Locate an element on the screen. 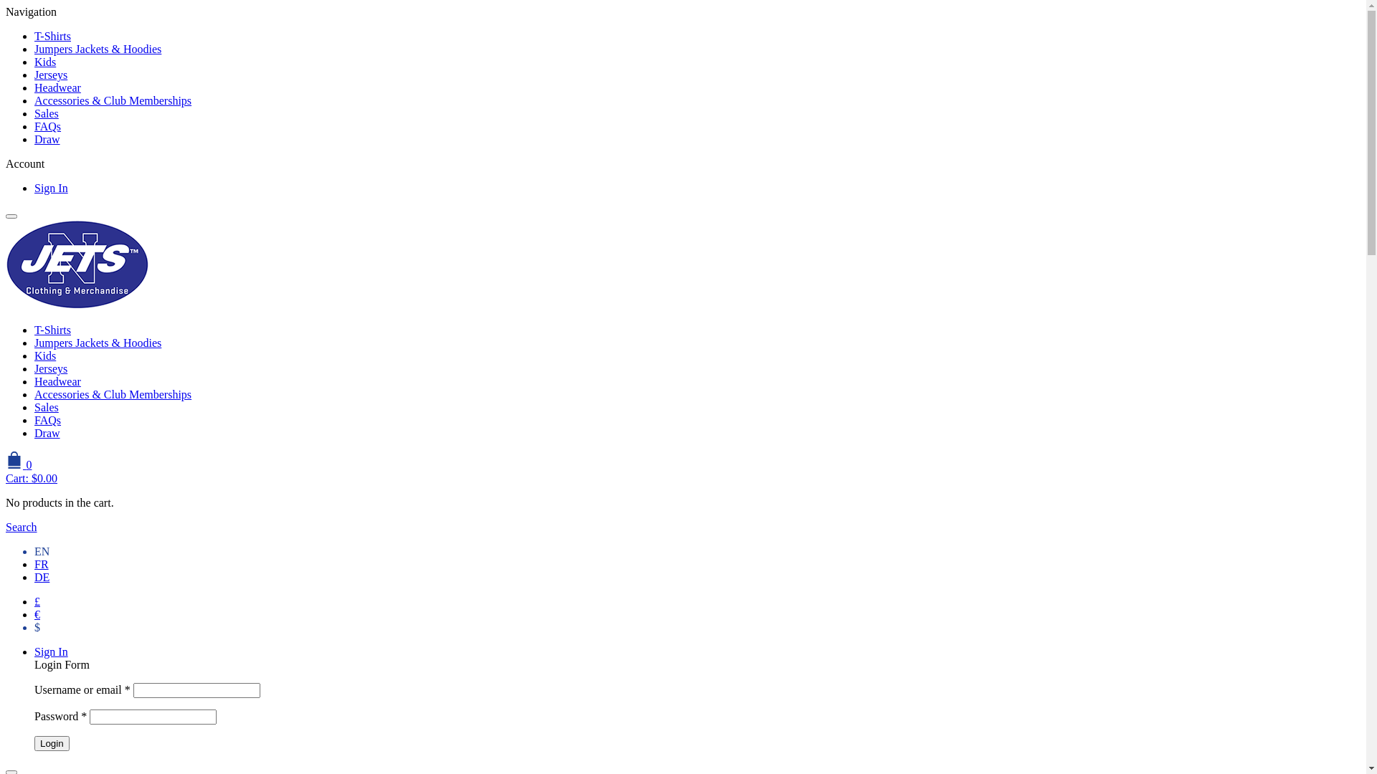 This screenshot has width=1377, height=774. 'Jerseys' is located at coordinates (51, 368).